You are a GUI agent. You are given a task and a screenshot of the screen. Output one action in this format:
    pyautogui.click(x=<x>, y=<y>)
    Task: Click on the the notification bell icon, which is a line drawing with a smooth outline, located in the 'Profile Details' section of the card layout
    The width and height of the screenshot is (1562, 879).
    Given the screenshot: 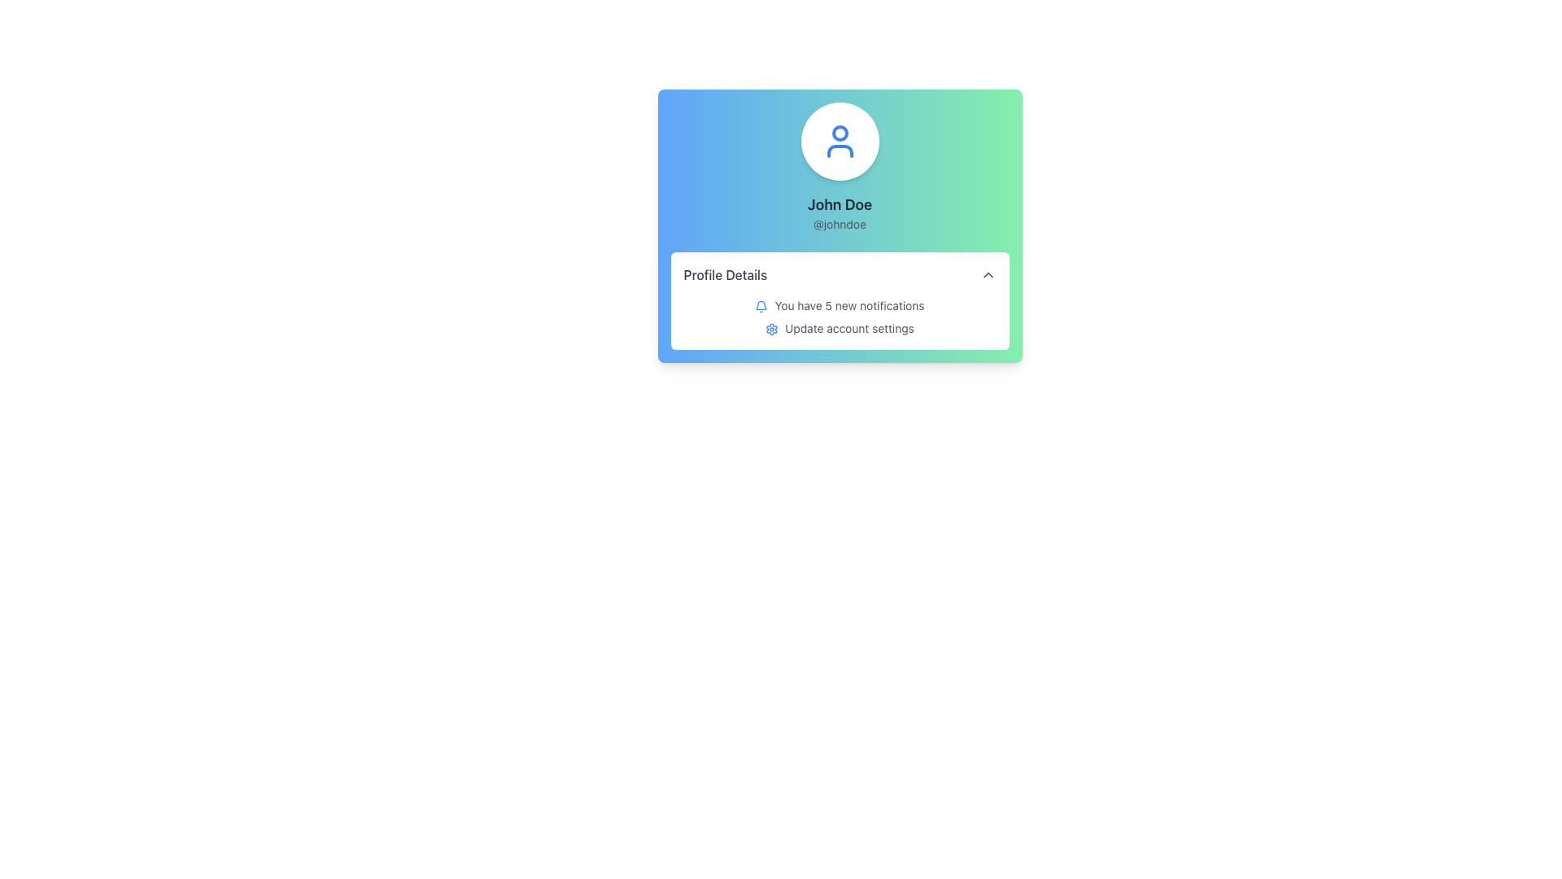 What is the action you would take?
    pyautogui.click(x=761, y=305)
    